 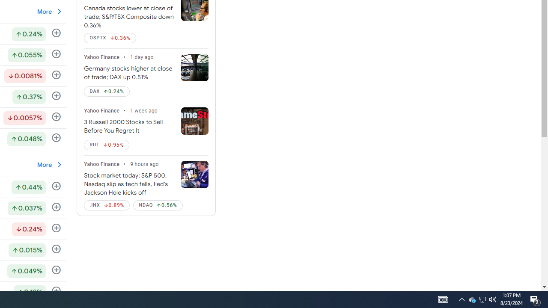 What do you see at coordinates (106, 92) in the screenshot?
I see `'DAX Up by 0.24%'` at bounding box center [106, 92].